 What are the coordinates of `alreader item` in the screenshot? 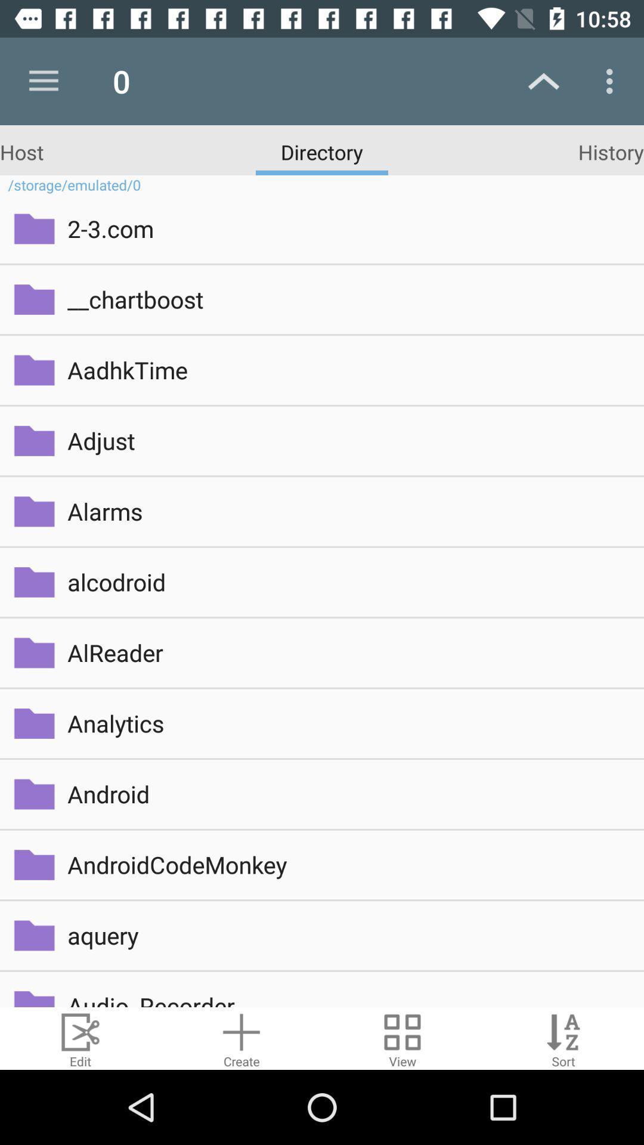 It's located at (347, 652).